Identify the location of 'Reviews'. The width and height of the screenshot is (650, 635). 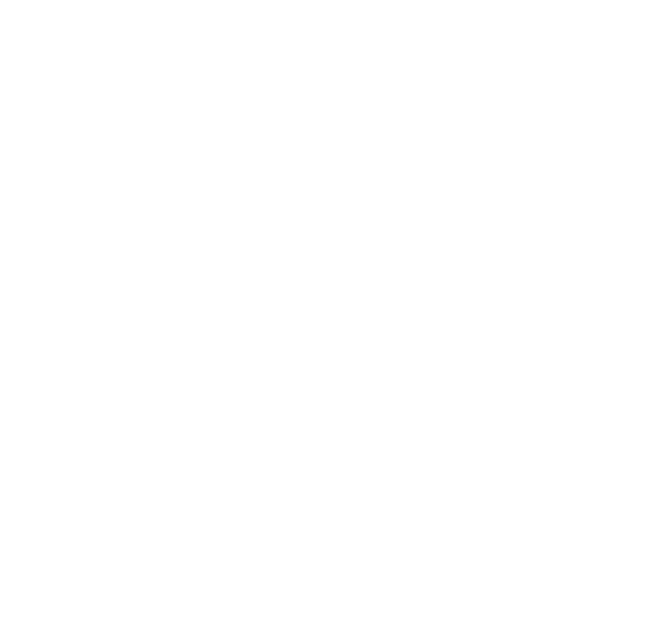
(127, 63).